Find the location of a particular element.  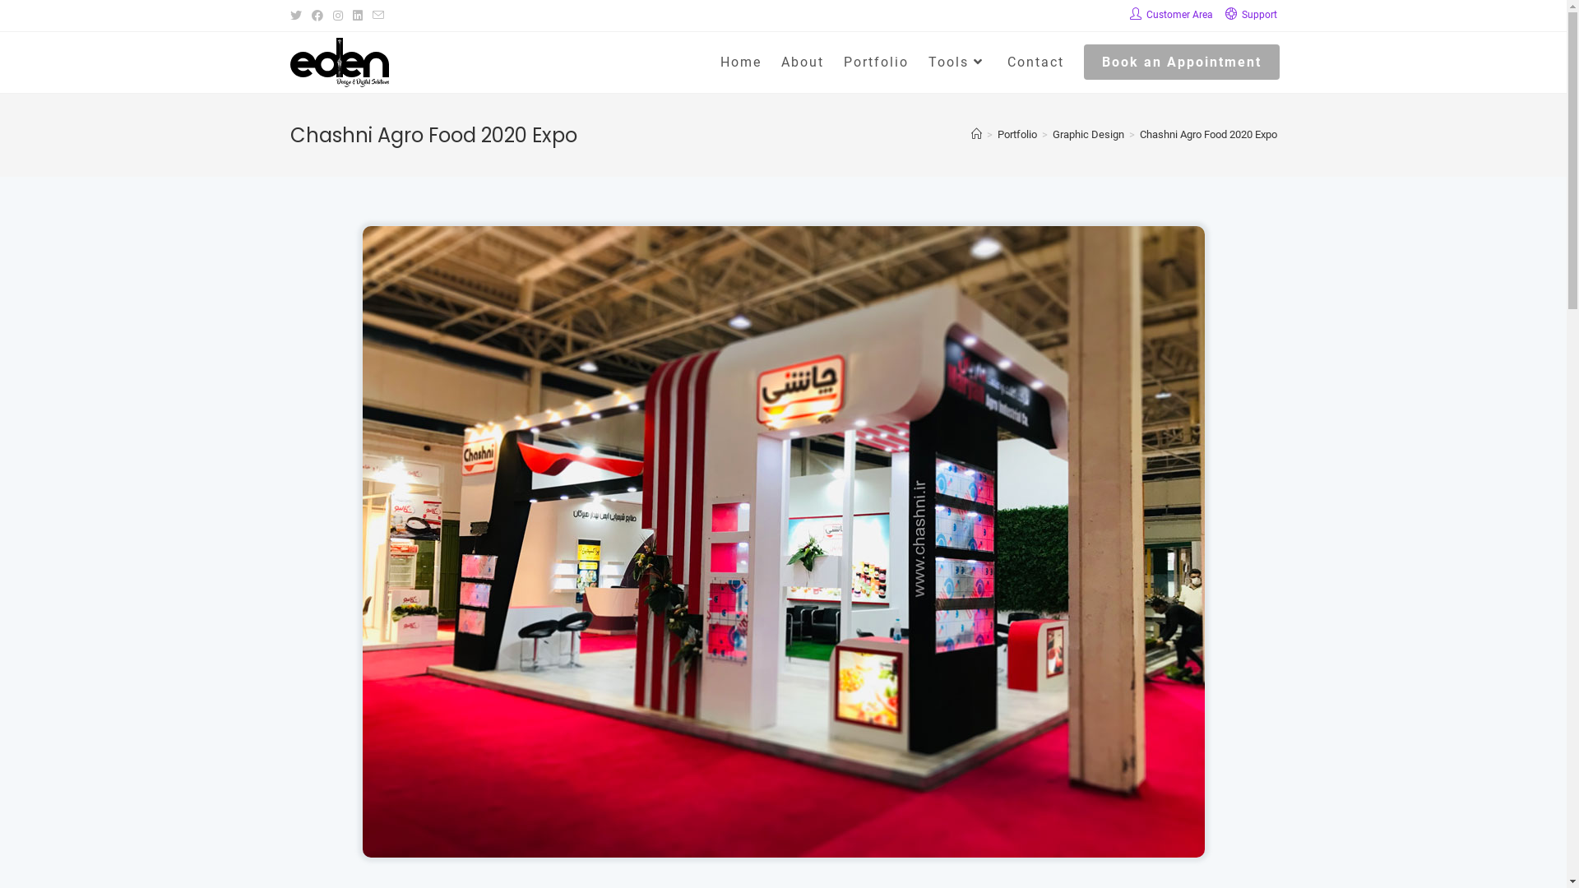

'WordPress Website Design' is located at coordinates (906, 636).